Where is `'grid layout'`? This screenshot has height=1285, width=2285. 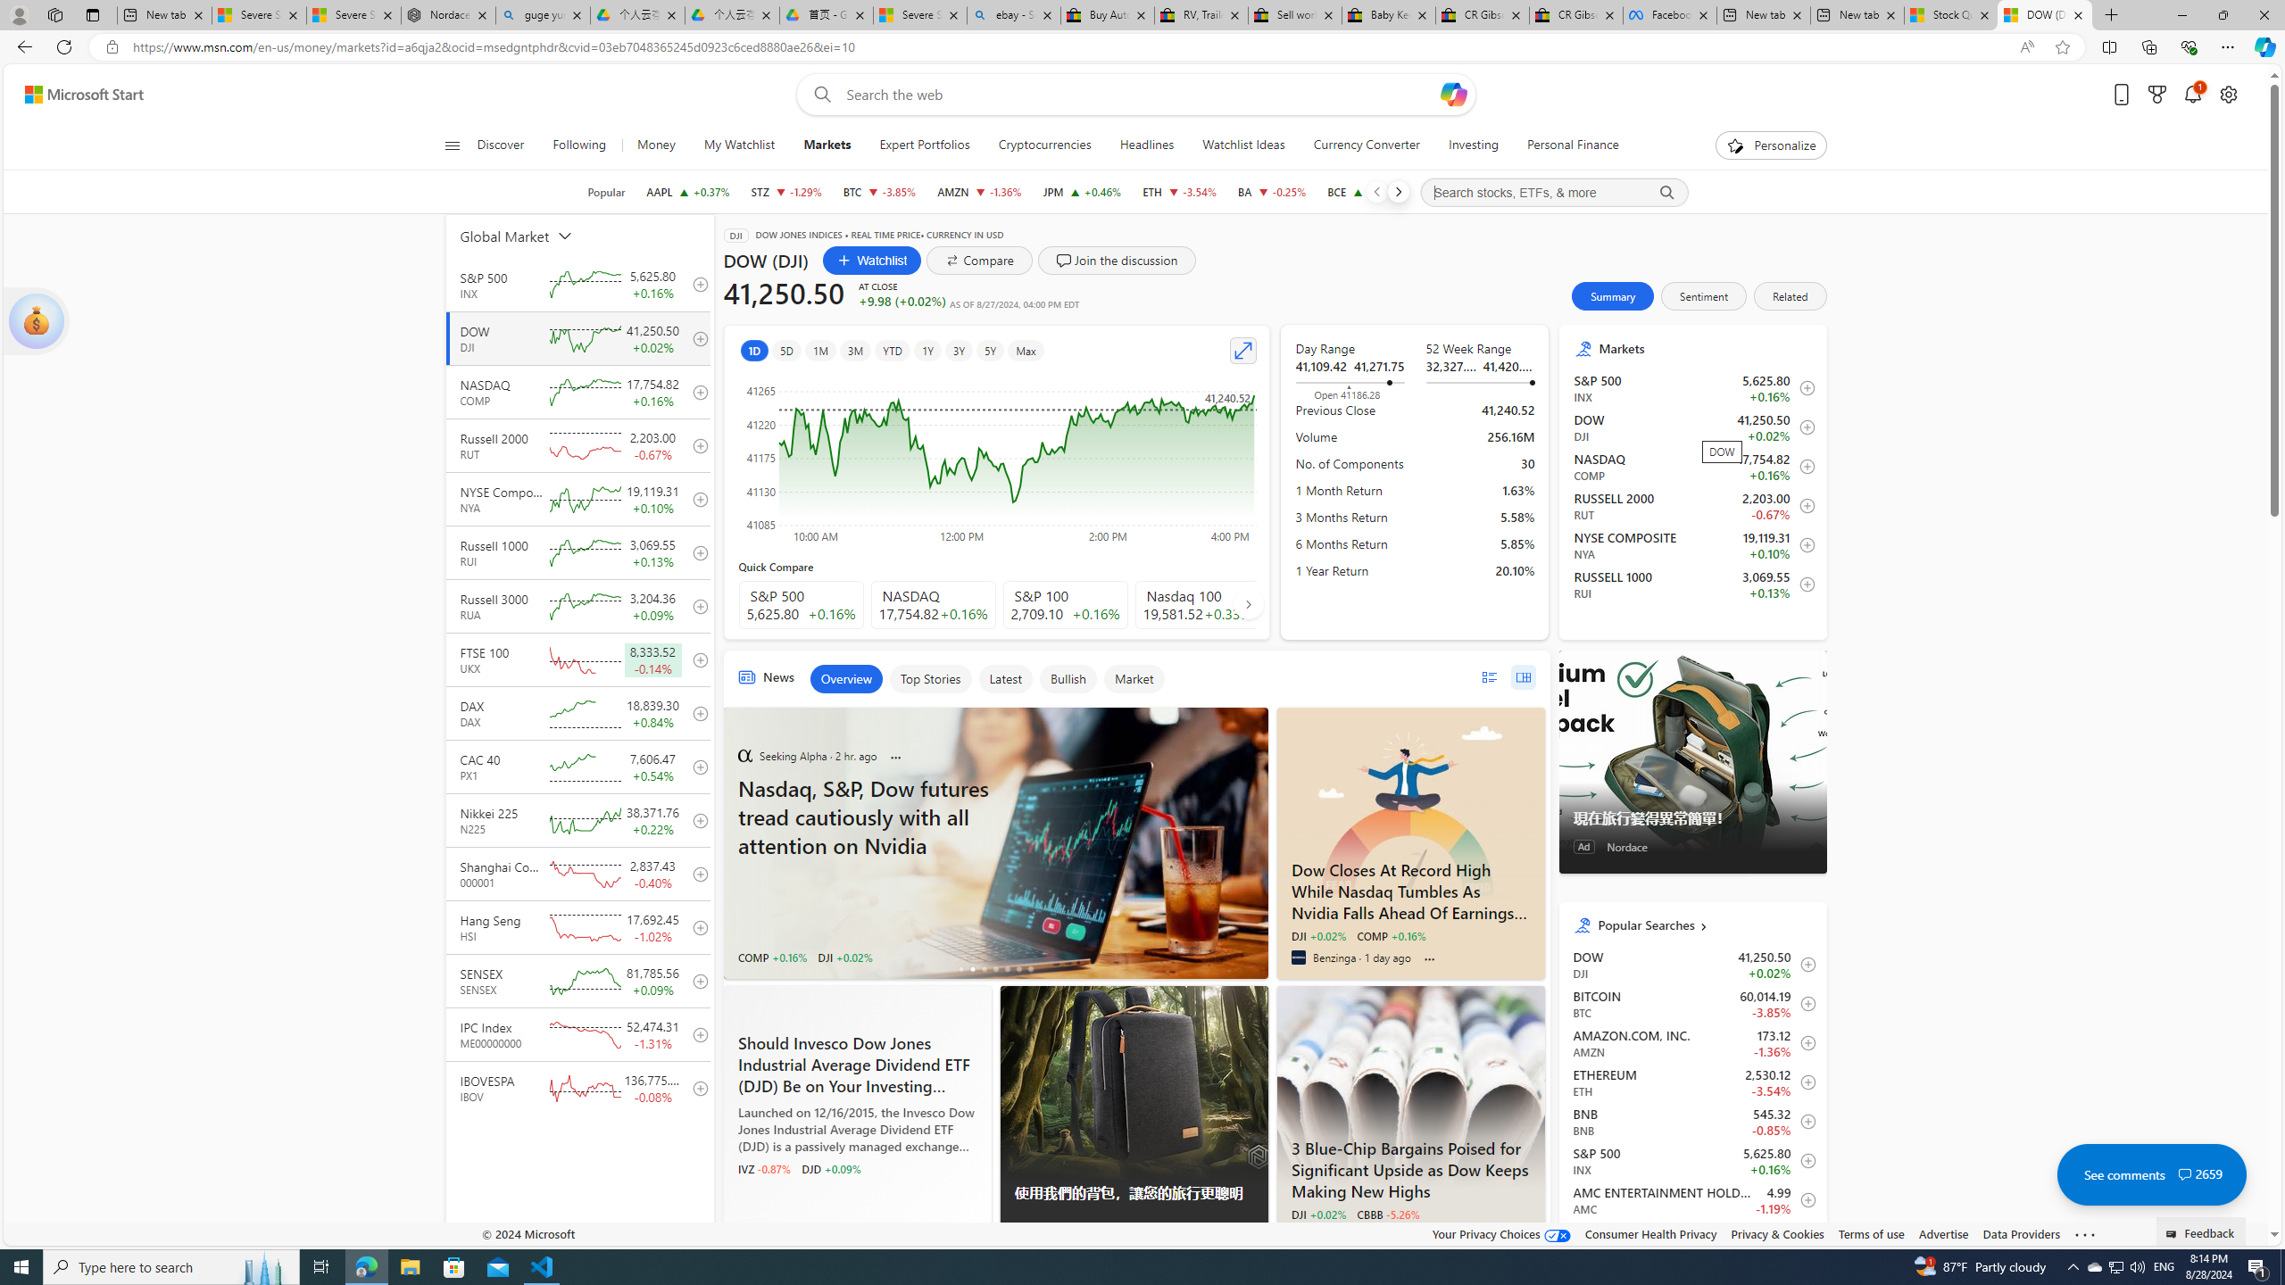 'grid layout' is located at coordinates (1522, 676).